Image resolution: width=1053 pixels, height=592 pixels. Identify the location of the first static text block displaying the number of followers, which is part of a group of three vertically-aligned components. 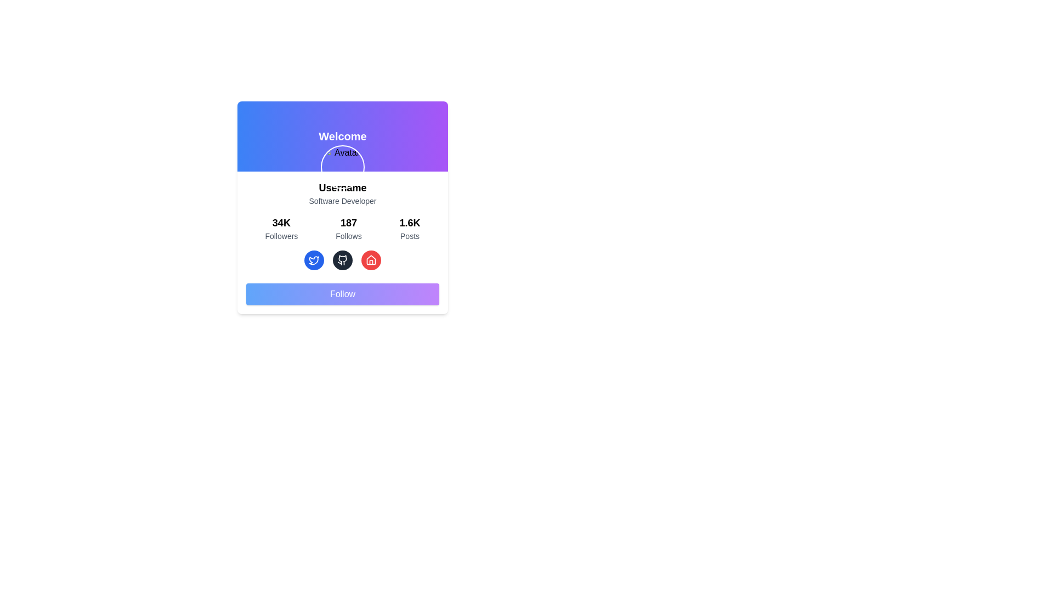
(281, 227).